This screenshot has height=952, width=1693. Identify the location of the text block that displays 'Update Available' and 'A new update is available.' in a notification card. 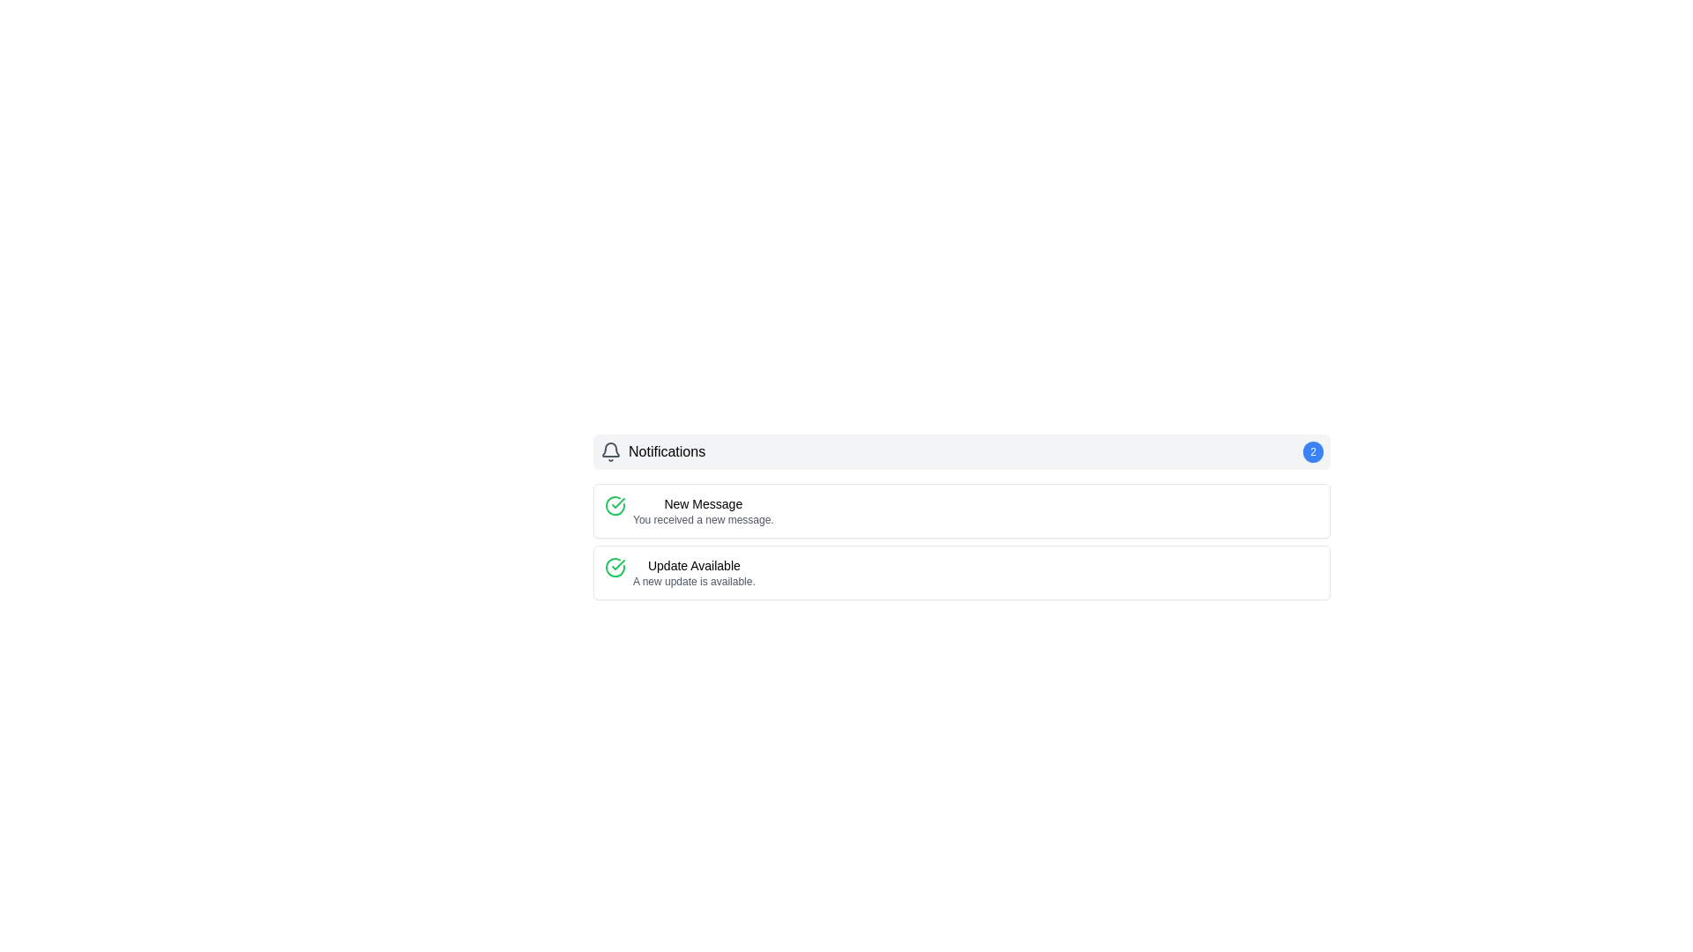
(693, 573).